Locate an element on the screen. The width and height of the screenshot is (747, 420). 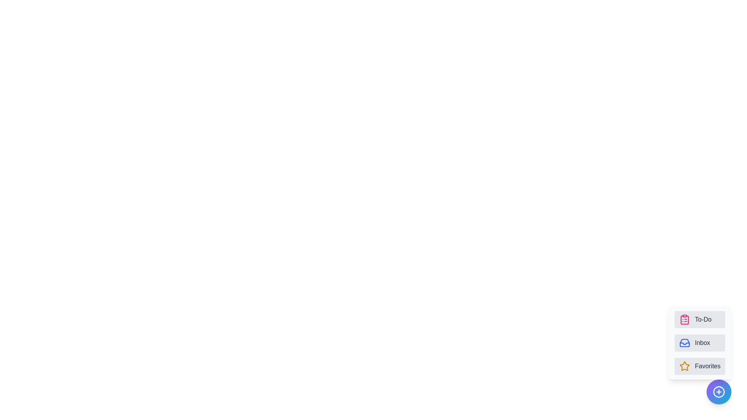
floating action button to toggle the panel is located at coordinates (719, 392).